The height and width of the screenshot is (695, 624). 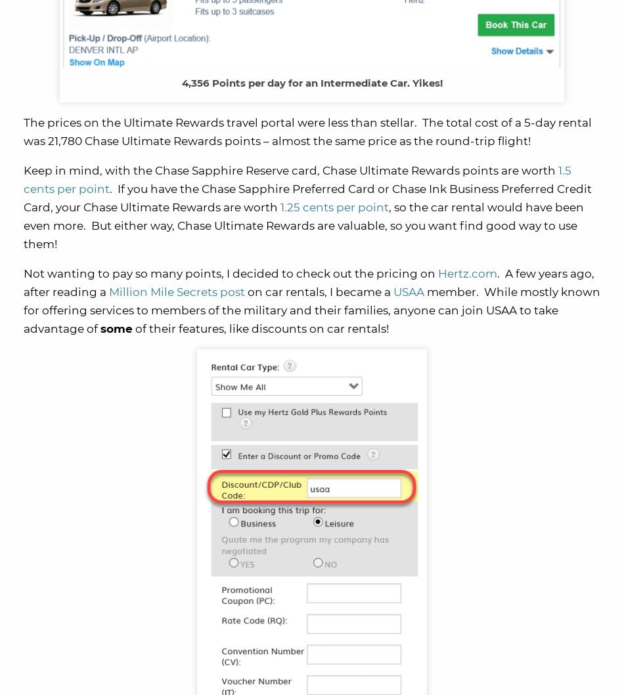 What do you see at coordinates (135, 329) in the screenshot?
I see `'of their features, like discounts on car rentals!'` at bounding box center [135, 329].